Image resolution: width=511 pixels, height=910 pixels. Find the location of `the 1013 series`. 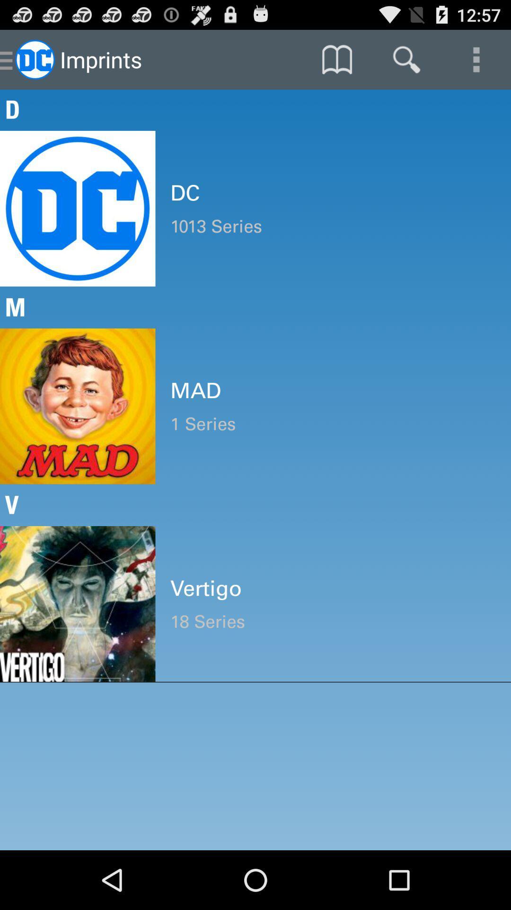

the 1013 series is located at coordinates (333, 226).